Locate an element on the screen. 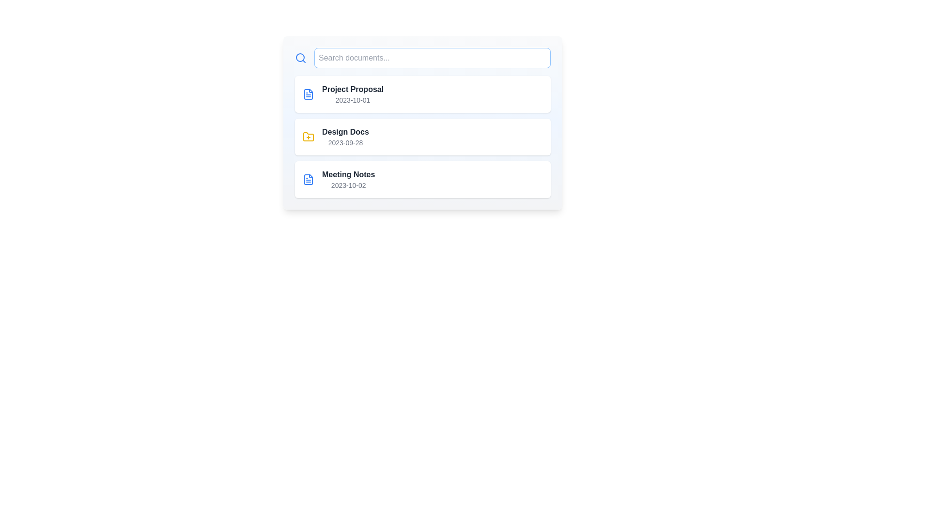  the document item identified by Project Proposal is located at coordinates (423, 94).